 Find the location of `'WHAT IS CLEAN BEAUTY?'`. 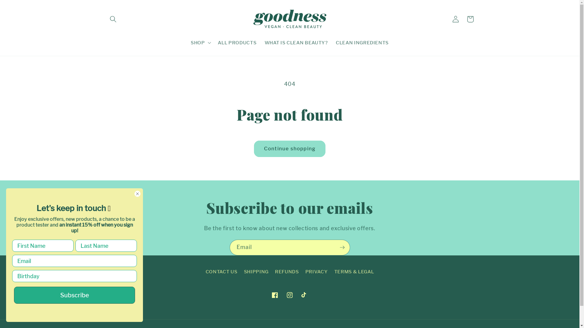

'WHAT IS CLEAN BEAUTY?' is located at coordinates (296, 43).